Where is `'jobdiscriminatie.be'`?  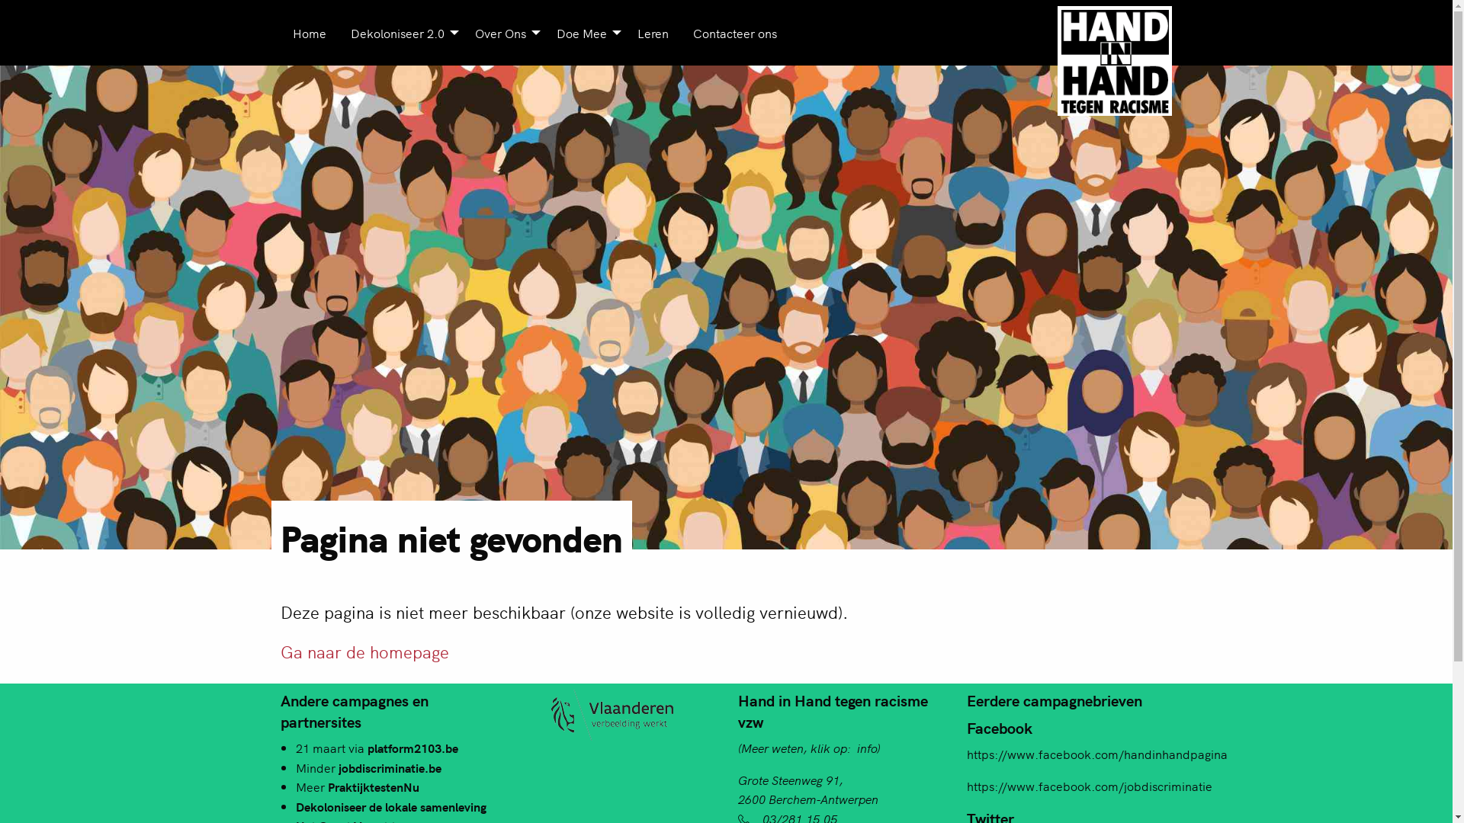
'jobdiscriminatie.be' is located at coordinates (390, 767).